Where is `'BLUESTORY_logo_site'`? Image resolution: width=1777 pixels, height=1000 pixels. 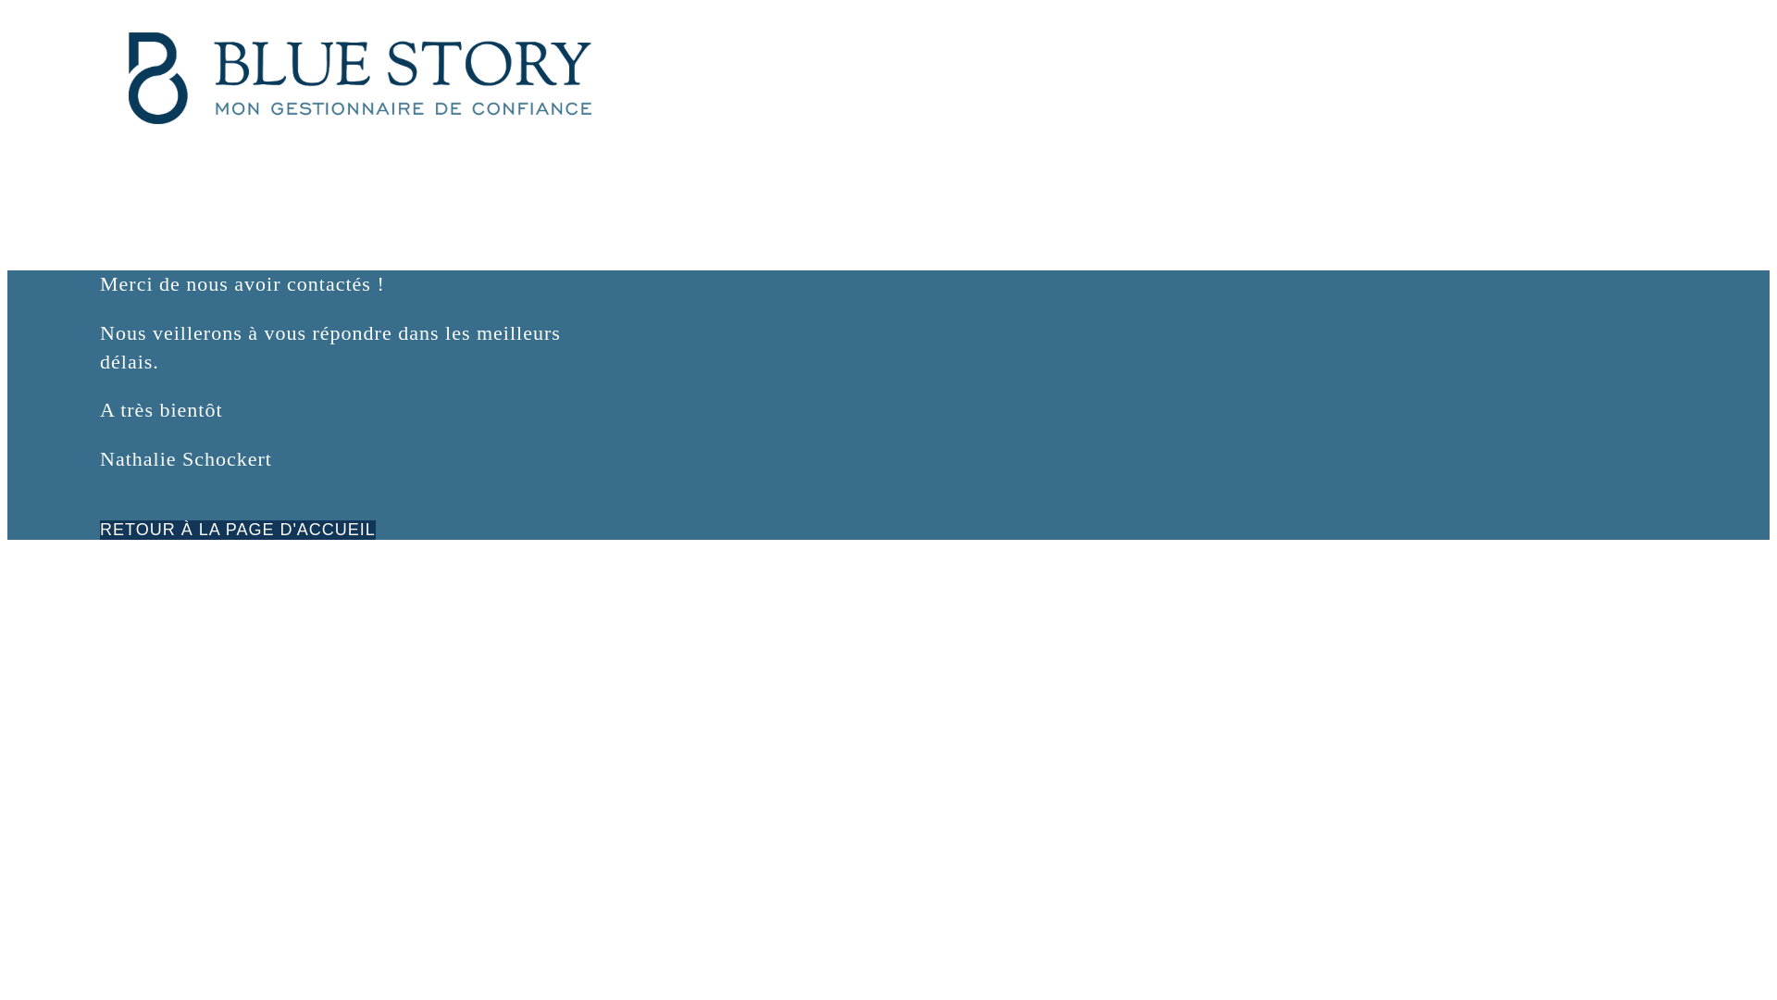
'BLUESTORY_logo_site' is located at coordinates (359, 77).